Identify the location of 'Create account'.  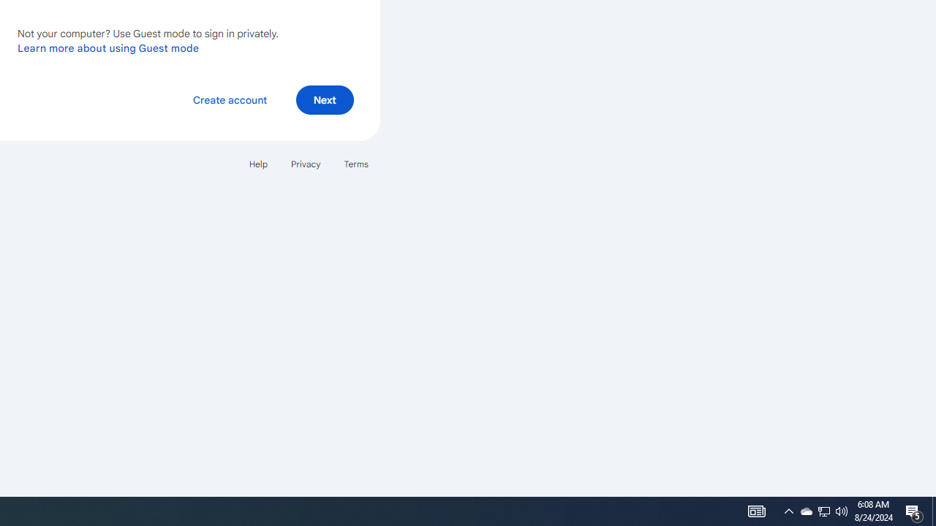
(229, 99).